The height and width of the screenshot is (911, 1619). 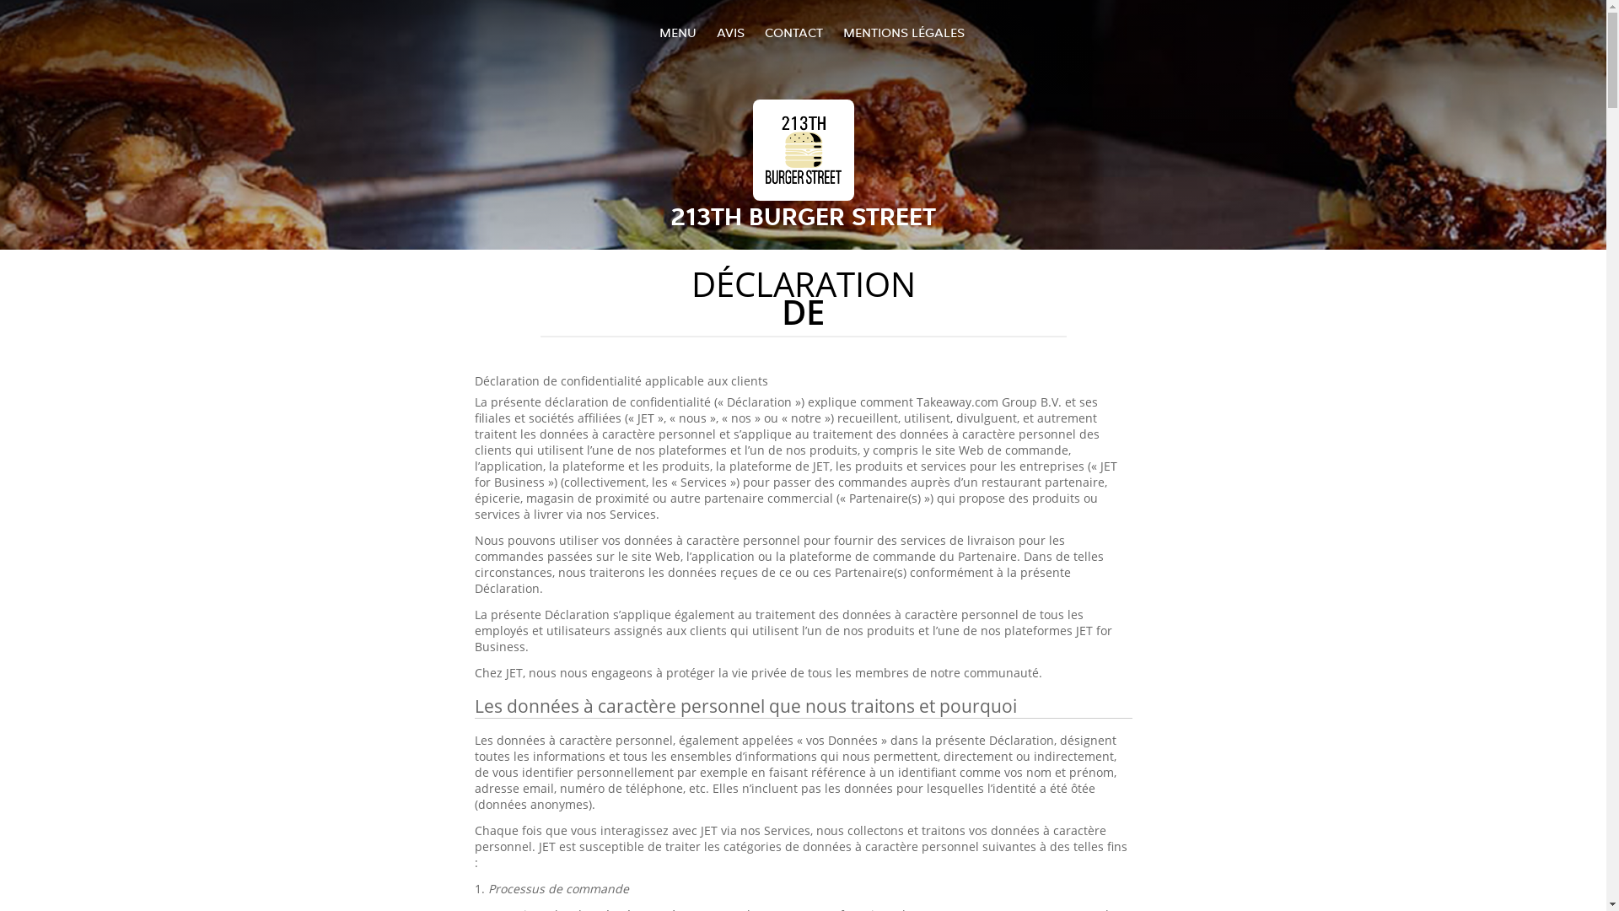 I want to click on 'MENU', so click(x=659, y=32).